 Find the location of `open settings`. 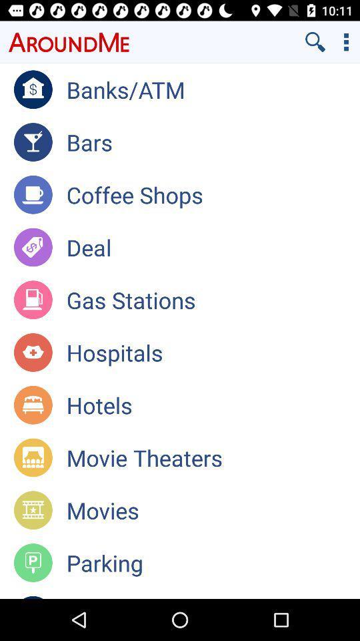

open settings is located at coordinates (346, 41).